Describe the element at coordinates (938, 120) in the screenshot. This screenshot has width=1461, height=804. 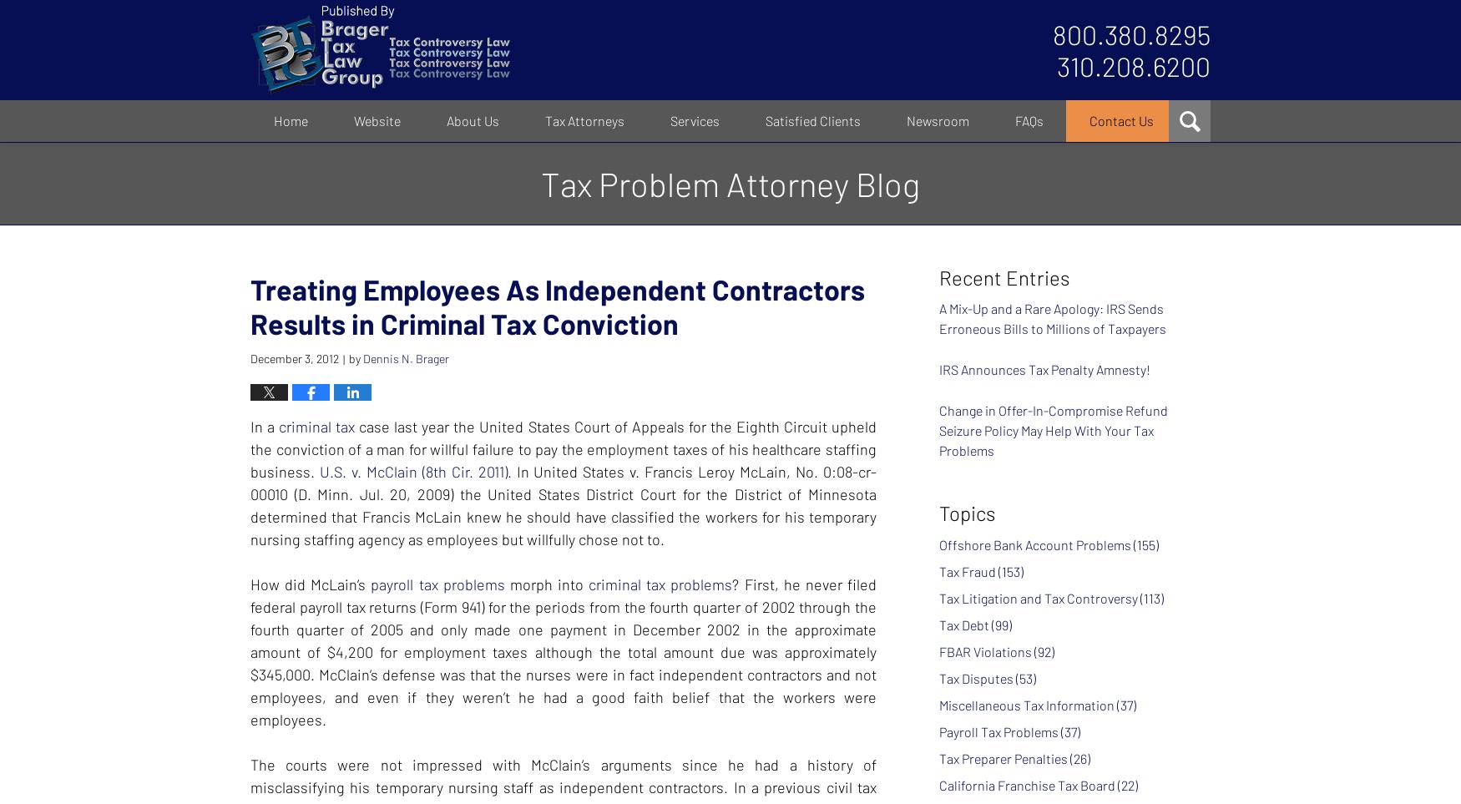
I see `'Newsroom'` at that location.